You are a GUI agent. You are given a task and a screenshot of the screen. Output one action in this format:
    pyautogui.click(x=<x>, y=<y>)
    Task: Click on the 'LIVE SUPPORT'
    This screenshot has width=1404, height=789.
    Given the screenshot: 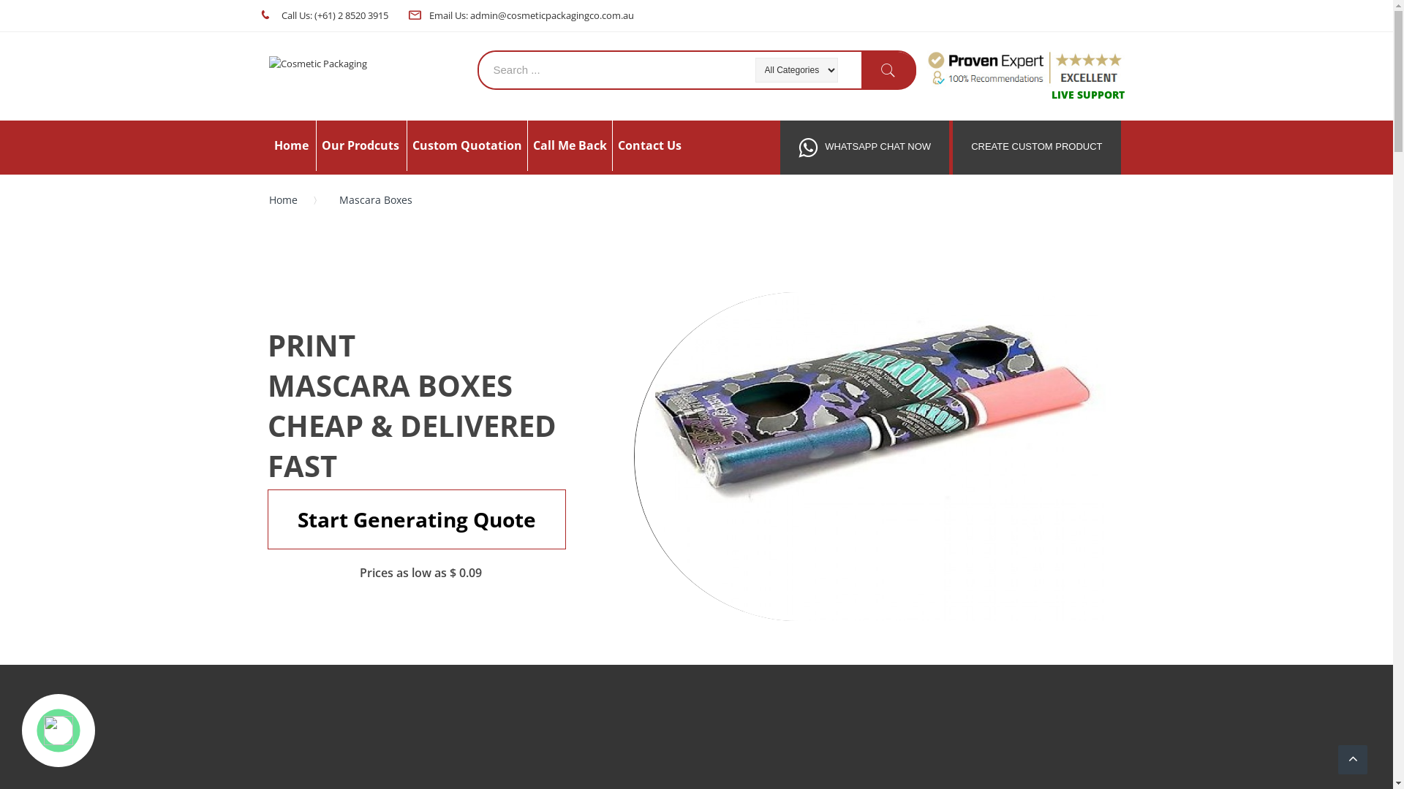 What is the action you would take?
    pyautogui.click(x=1088, y=94)
    